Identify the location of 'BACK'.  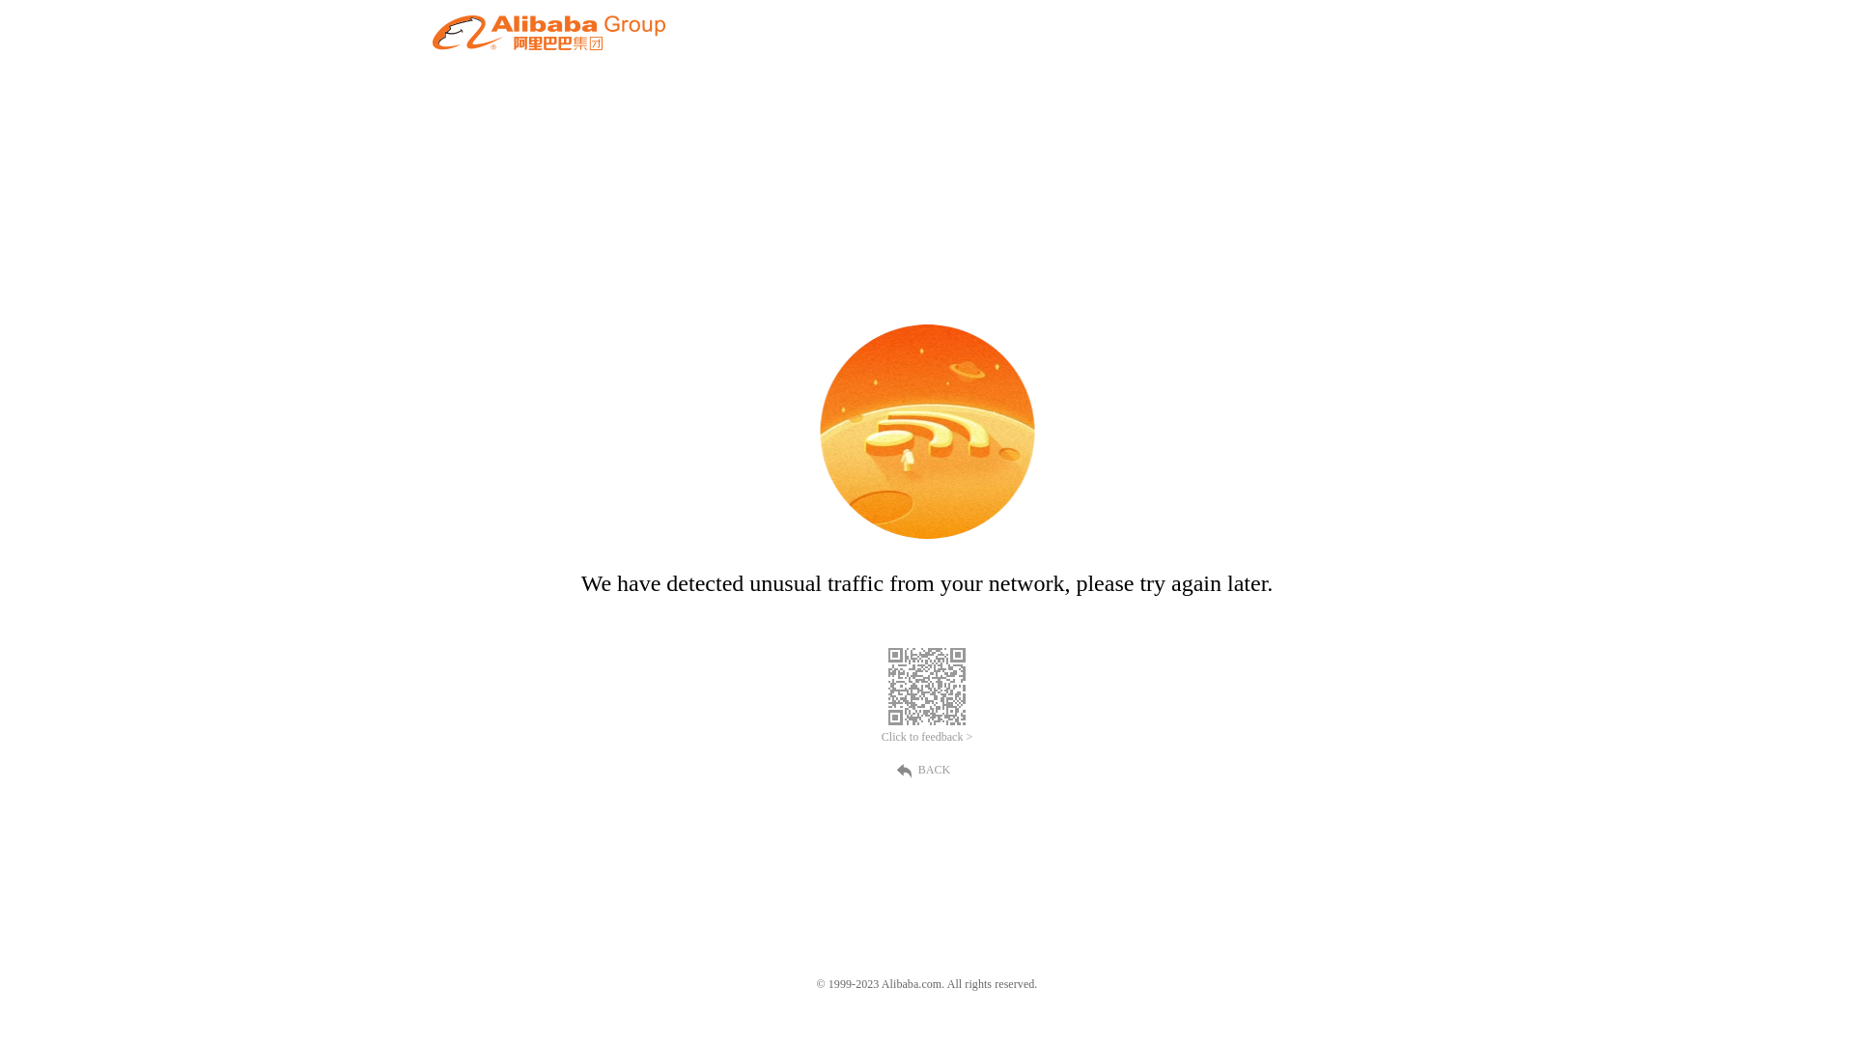
(927, 767).